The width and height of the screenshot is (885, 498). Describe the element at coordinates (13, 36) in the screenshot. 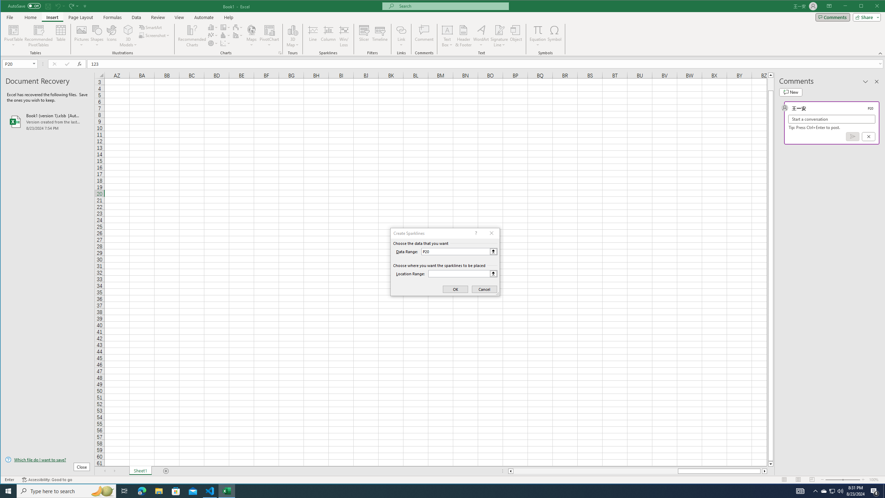

I see `'PivotTable'` at that location.